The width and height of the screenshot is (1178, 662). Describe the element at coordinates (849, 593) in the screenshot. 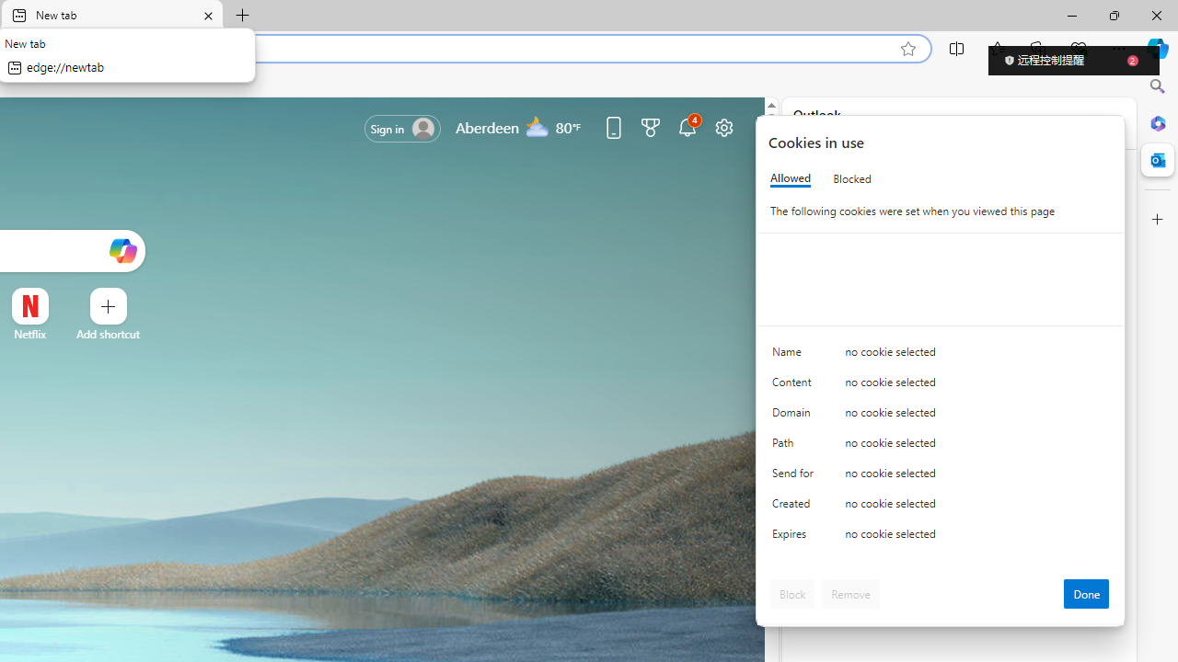

I see `'Remove'` at that location.